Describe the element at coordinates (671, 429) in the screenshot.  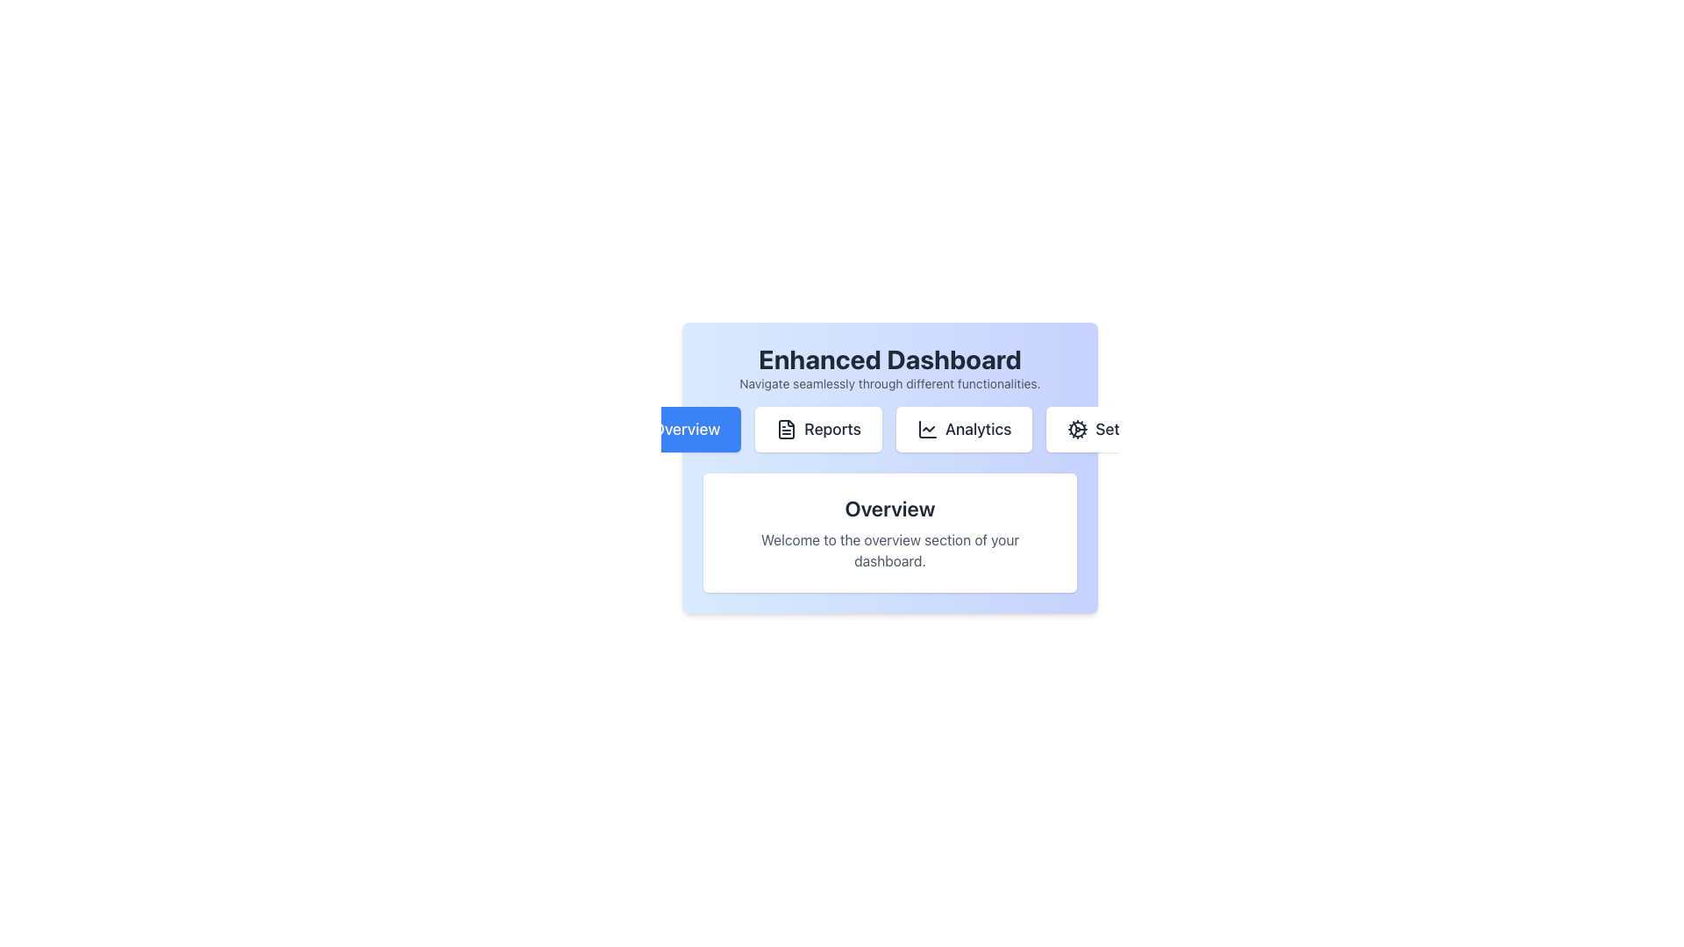
I see `the 'Overview' button` at that location.